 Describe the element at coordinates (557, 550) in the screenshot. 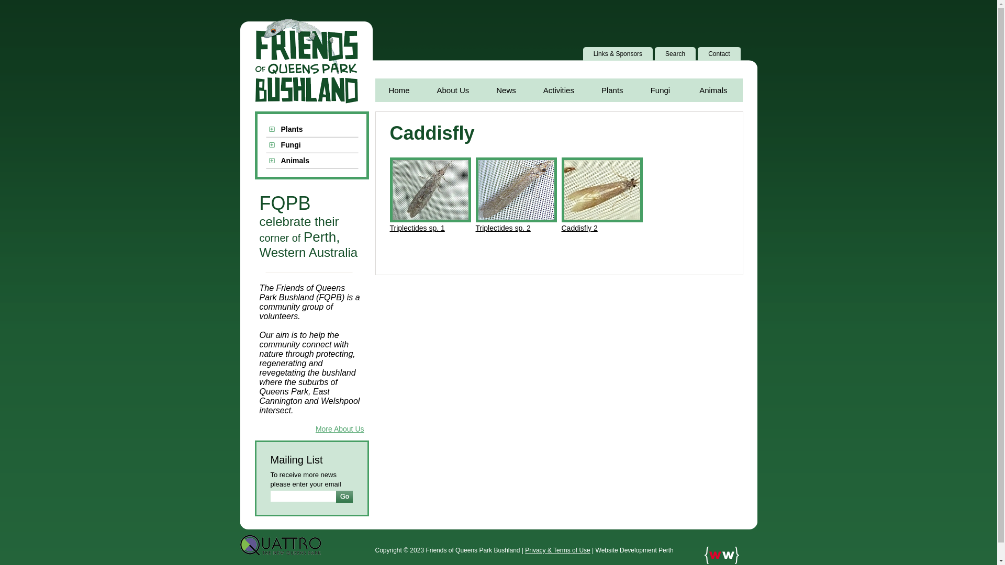

I see `'Privacy & Terms of Use'` at that location.